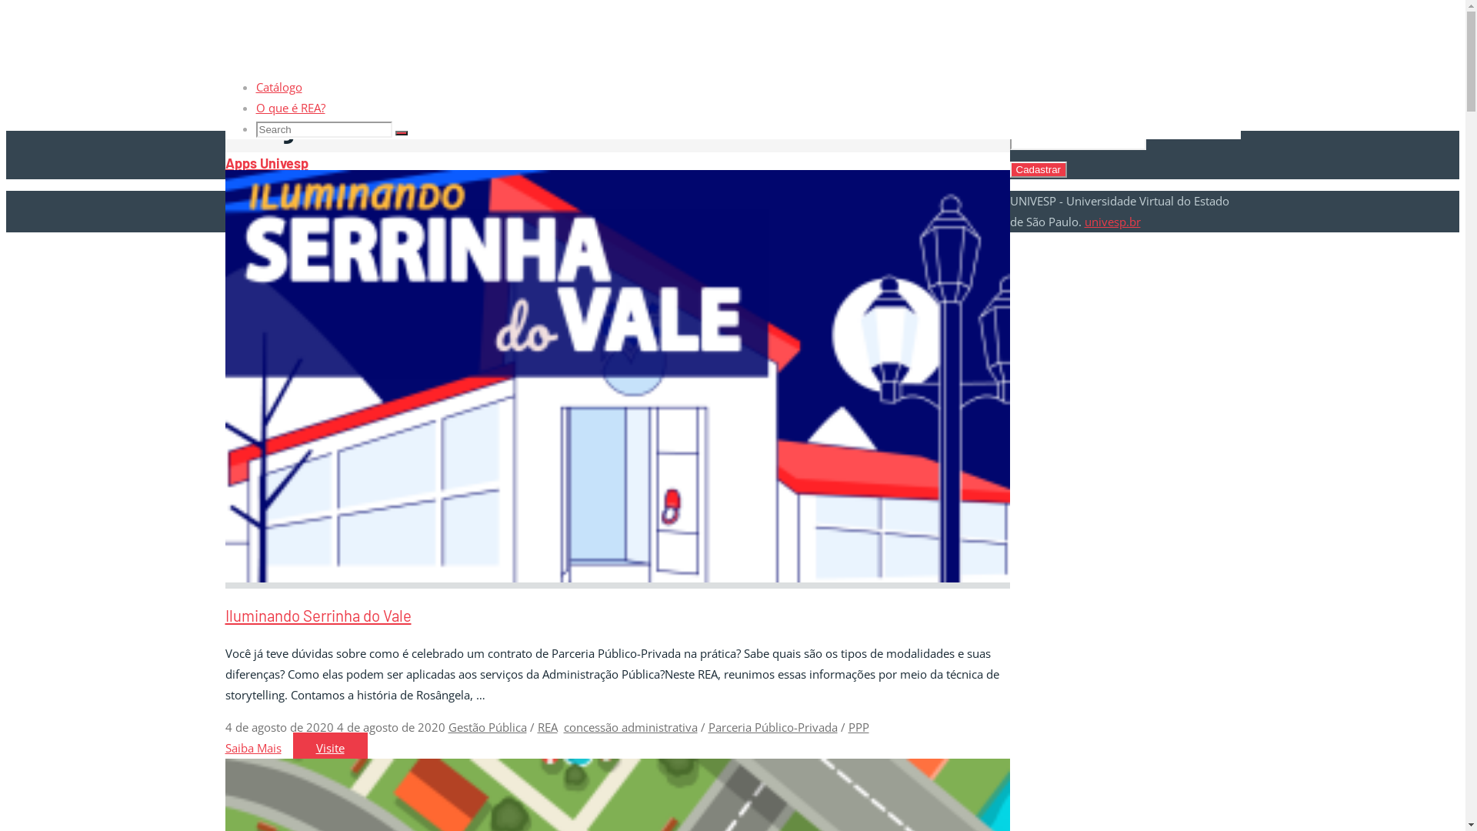  What do you see at coordinates (1038, 169) in the screenshot?
I see `'Cadastrar'` at bounding box center [1038, 169].